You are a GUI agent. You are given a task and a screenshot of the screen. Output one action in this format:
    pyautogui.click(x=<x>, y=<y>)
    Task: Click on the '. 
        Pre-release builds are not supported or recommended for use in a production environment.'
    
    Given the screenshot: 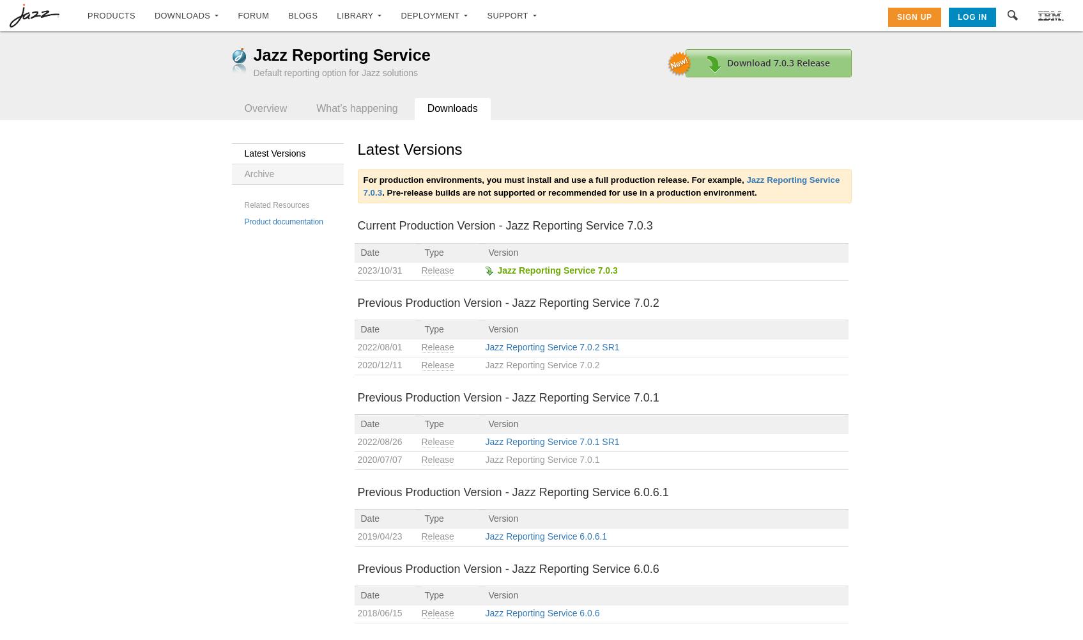 What is the action you would take?
    pyautogui.click(x=569, y=192)
    